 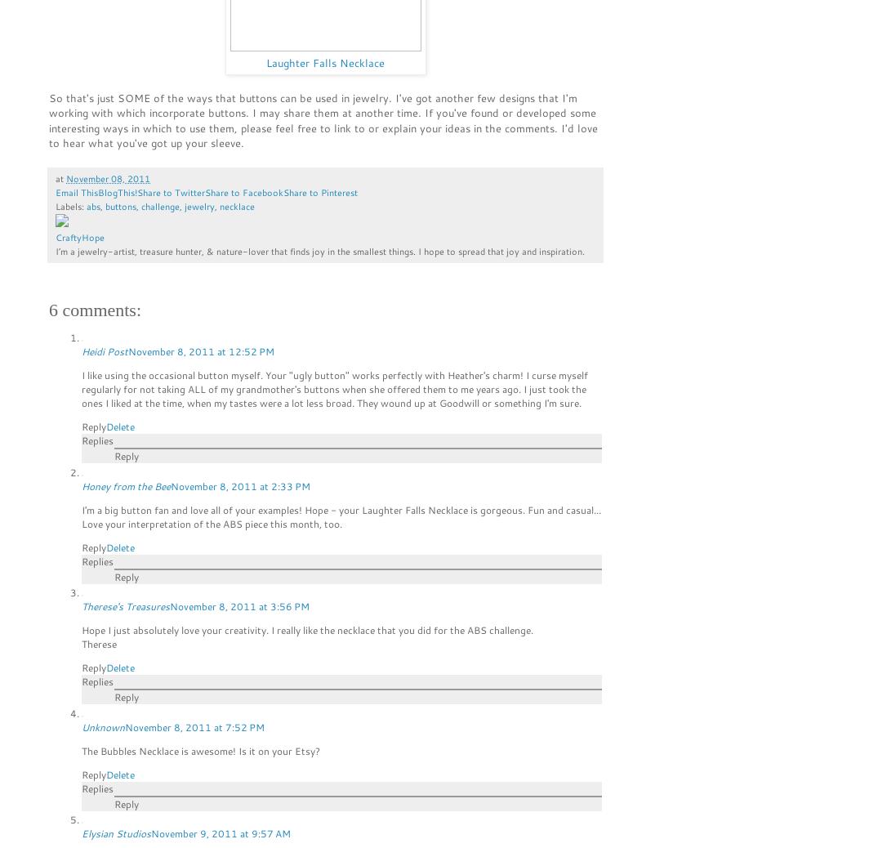 I want to click on 'Laughter Falls Necklace', so click(x=324, y=60).